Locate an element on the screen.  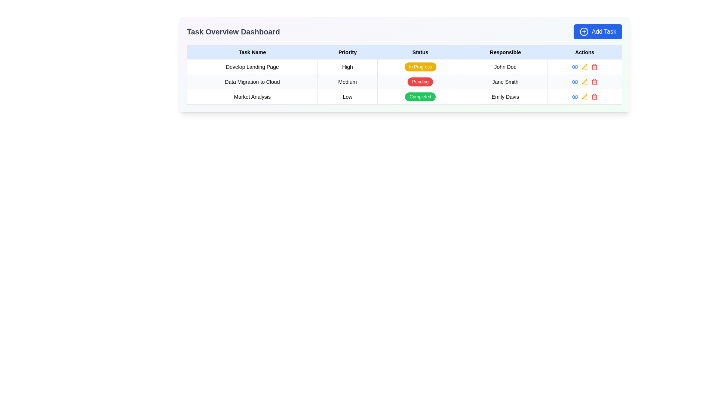
the red trash bin icon is located at coordinates (594, 82).